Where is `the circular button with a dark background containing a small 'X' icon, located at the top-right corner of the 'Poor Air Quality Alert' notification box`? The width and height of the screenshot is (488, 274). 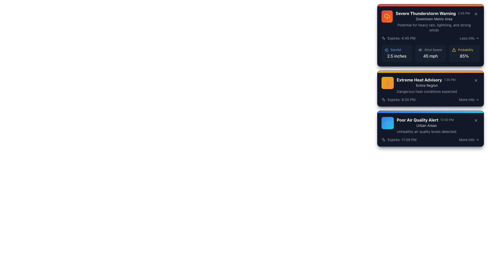
the circular button with a dark background containing a small 'X' icon, located at the top-right corner of the 'Poor Air Quality Alert' notification box is located at coordinates (476, 120).